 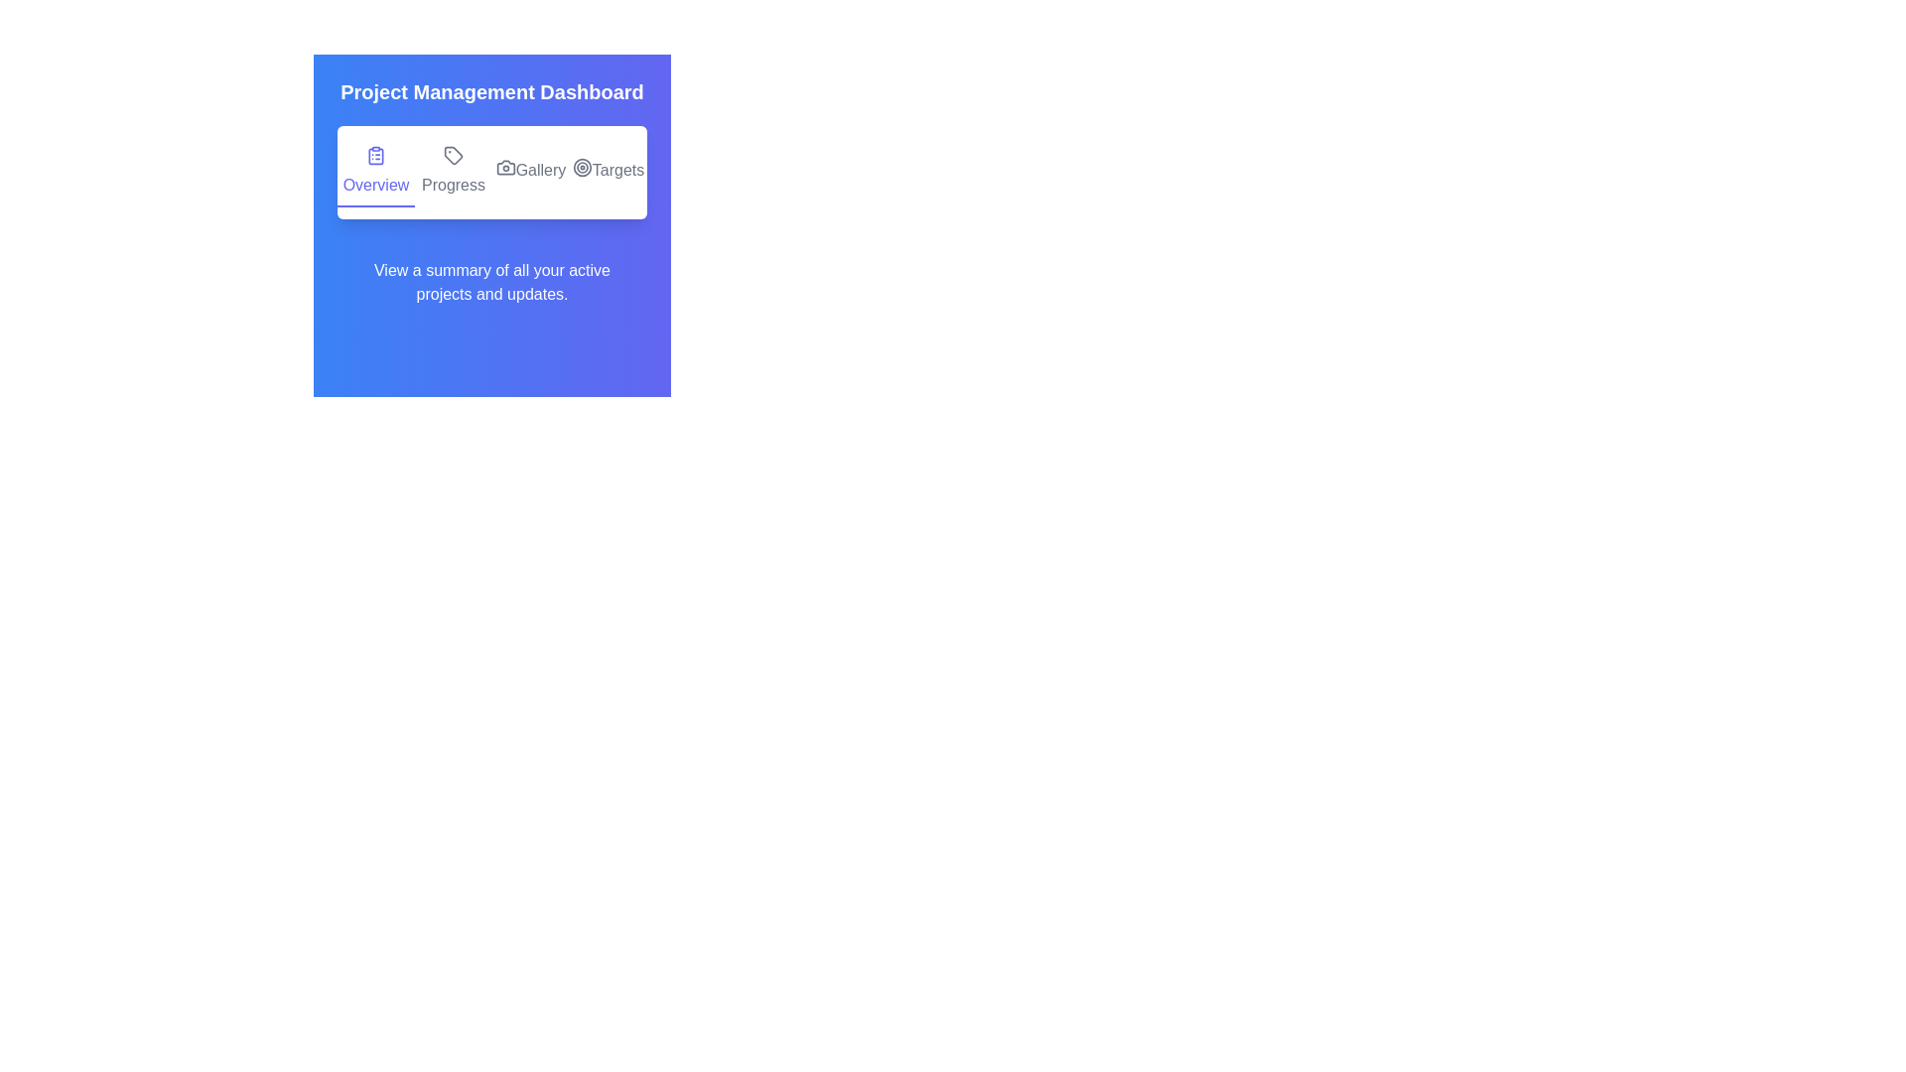 I want to click on the tab corresponding to Overview, so click(x=376, y=171).